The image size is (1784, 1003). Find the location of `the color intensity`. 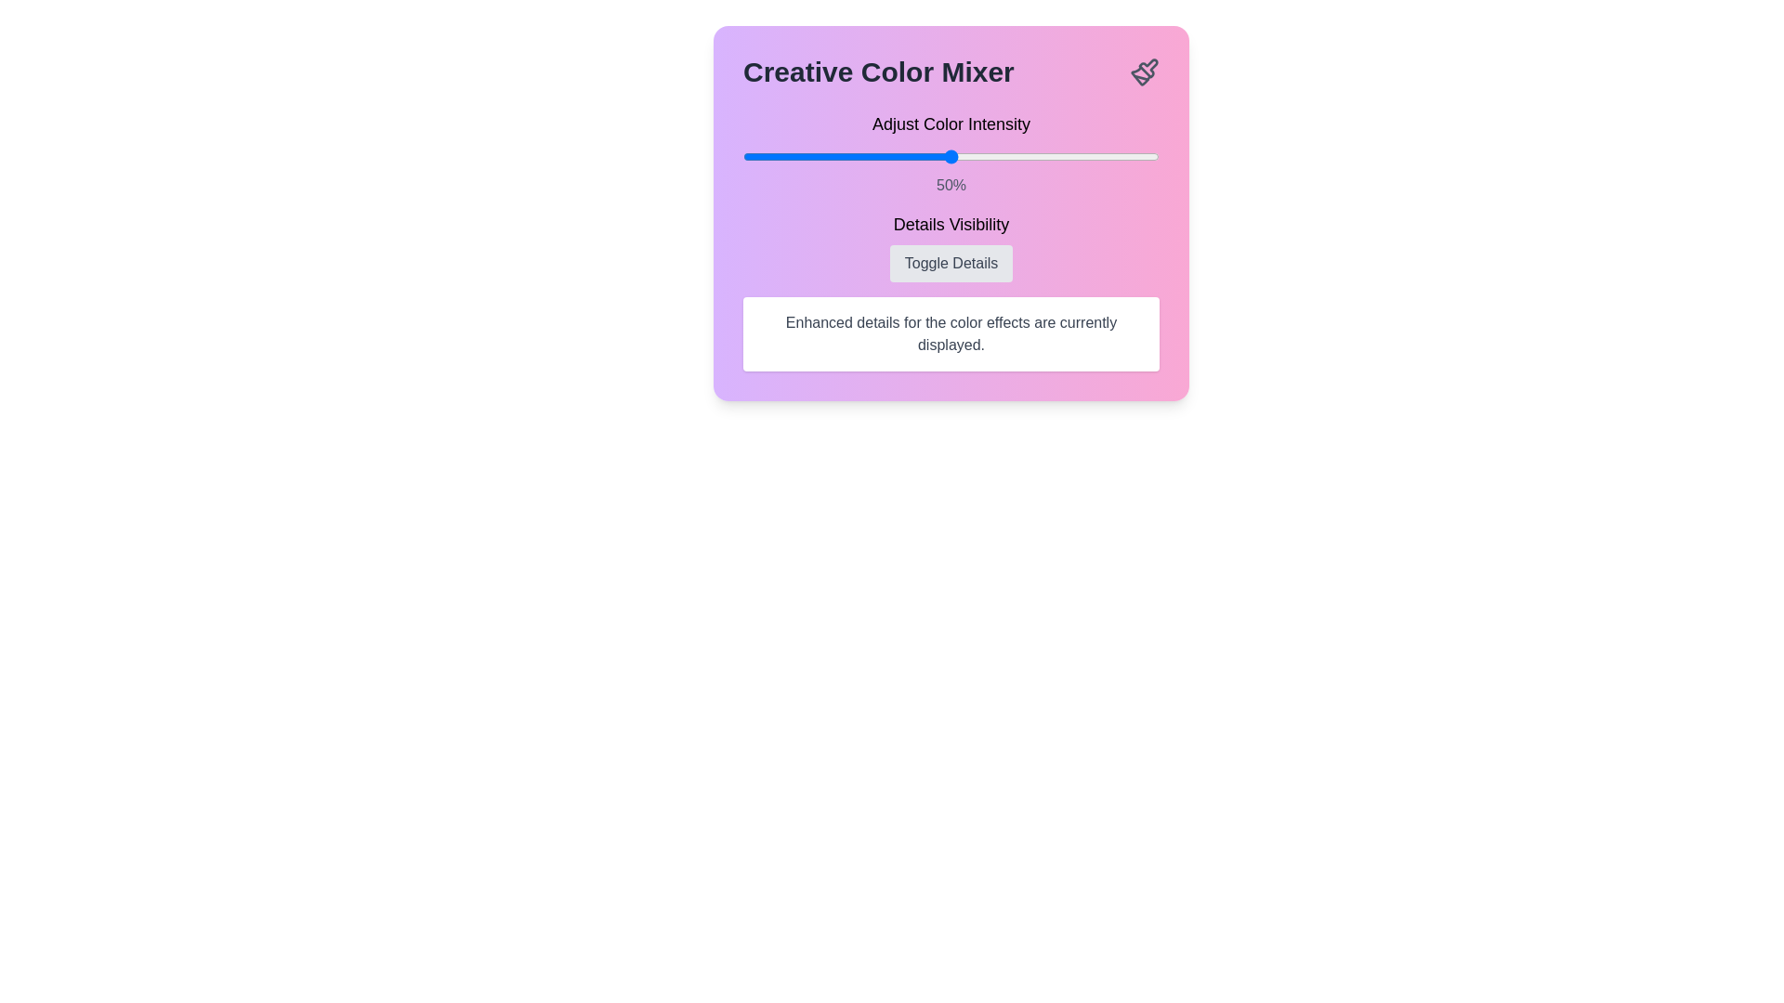

the color intensity is located at coordinates (930, 156).